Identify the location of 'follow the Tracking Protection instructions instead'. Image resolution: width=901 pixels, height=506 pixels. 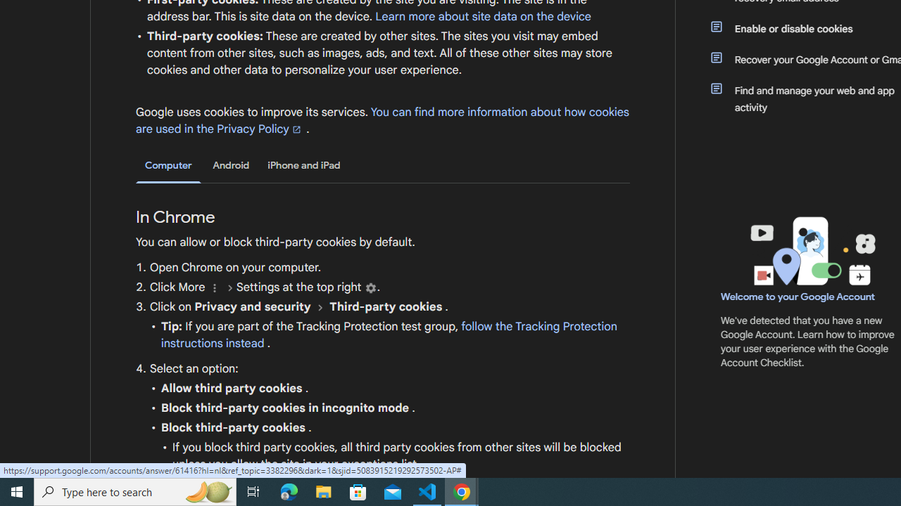
(389, 335).